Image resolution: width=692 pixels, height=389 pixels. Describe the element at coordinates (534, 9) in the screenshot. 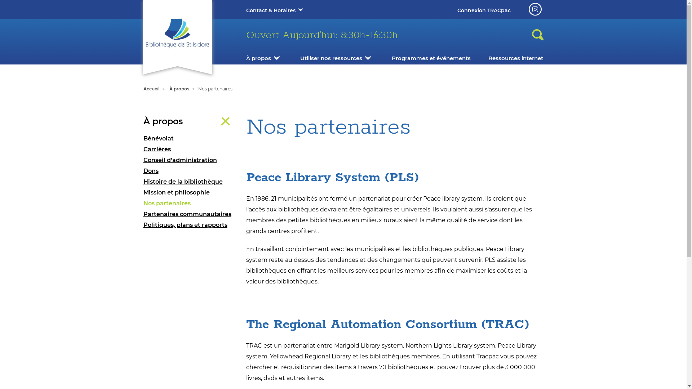

I see `'Instagram'` at that location.